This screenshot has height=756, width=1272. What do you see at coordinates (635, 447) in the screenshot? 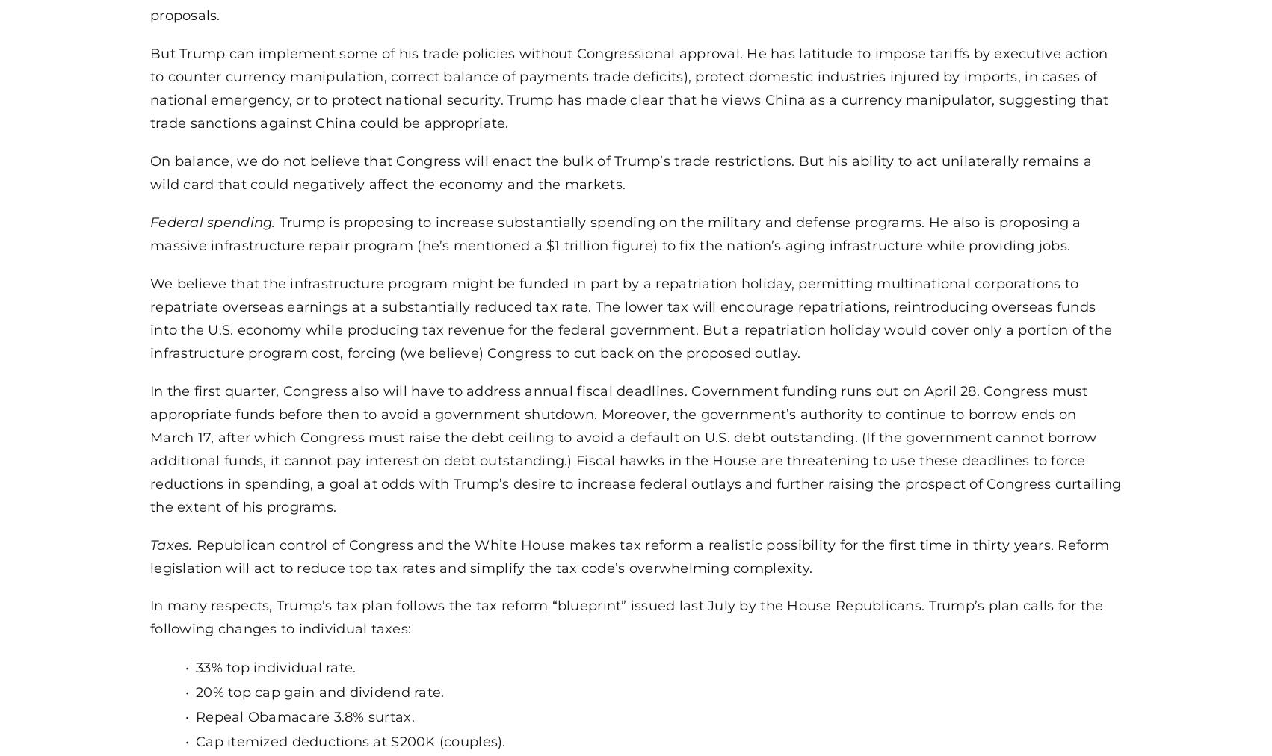
I see `'In the first quarter, Congress also will have to address annual fiscal deadlines. Government funding runs out on April 28. Congress must appropriate funds before then to avoid a government shutdown. Moreover, the government’s authority to continue to borrow ends on March 17, after which Congress must raise the debt ceiling to avoid a default on U.S. debt outstanding. (If the government cannot borrow additional funds, it cannot pay interest on debt outstanding.) Fiscal hawks in the House are threatening to use these deadlines to force reductions in spending, a goal at odds with Trump’s desire to increase federal outlays and further raising the prospect of Congress curtailing the extent of his programs.'` at bounding box center [635, 447].